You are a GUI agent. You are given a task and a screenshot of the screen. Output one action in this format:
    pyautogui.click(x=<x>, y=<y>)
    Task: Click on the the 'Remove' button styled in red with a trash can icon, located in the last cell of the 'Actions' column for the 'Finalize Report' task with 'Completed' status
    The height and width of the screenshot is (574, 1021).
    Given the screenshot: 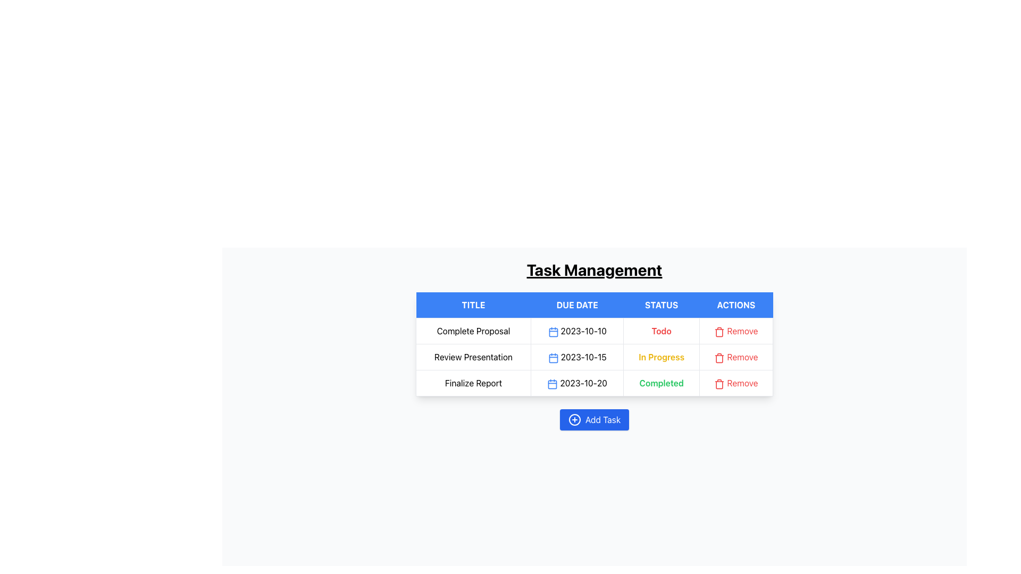 What is the action you would take?
    pyautogui.click(x=735, y=383)
    